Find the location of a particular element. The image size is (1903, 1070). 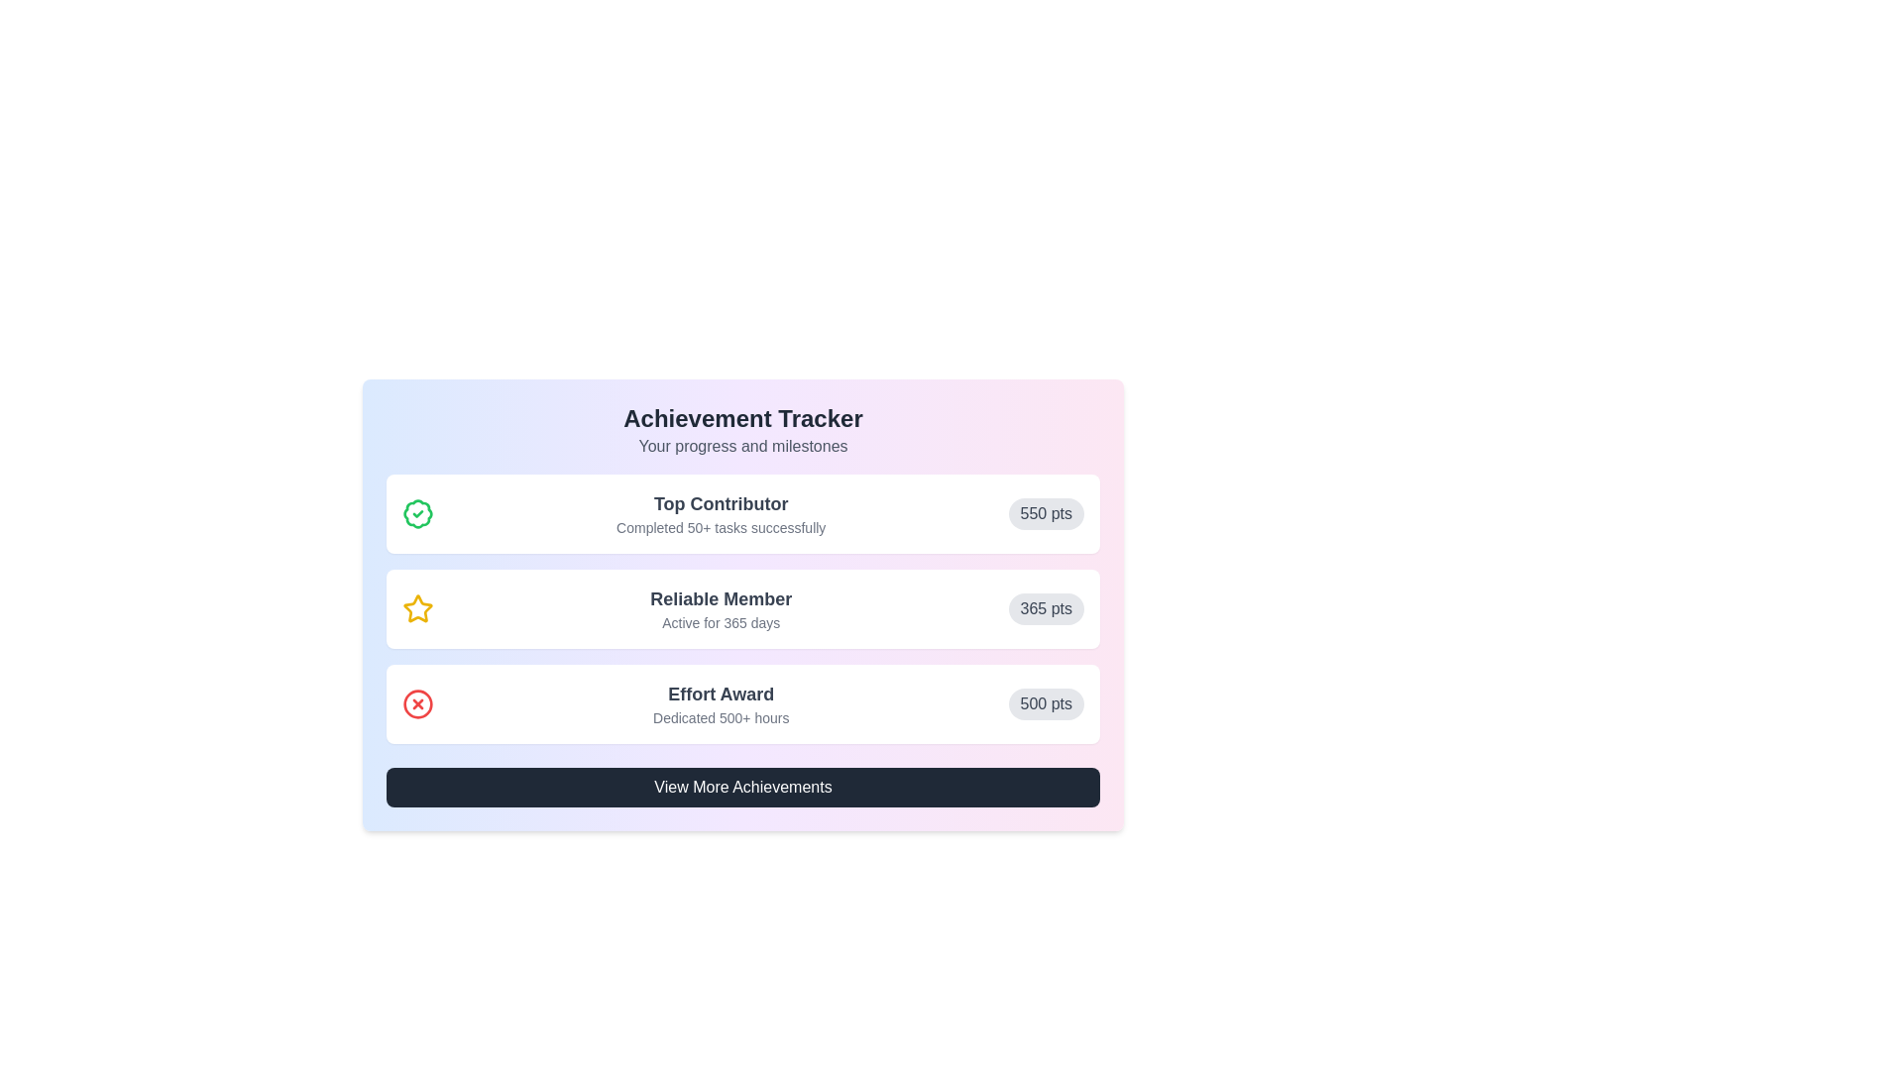

the Static text block displaying the achievement title 'Reliable Member' and the description 'Active for 365 days', which is surrounded by a golden star icon and a '365 pts' label is located at coordinates (720, 607).